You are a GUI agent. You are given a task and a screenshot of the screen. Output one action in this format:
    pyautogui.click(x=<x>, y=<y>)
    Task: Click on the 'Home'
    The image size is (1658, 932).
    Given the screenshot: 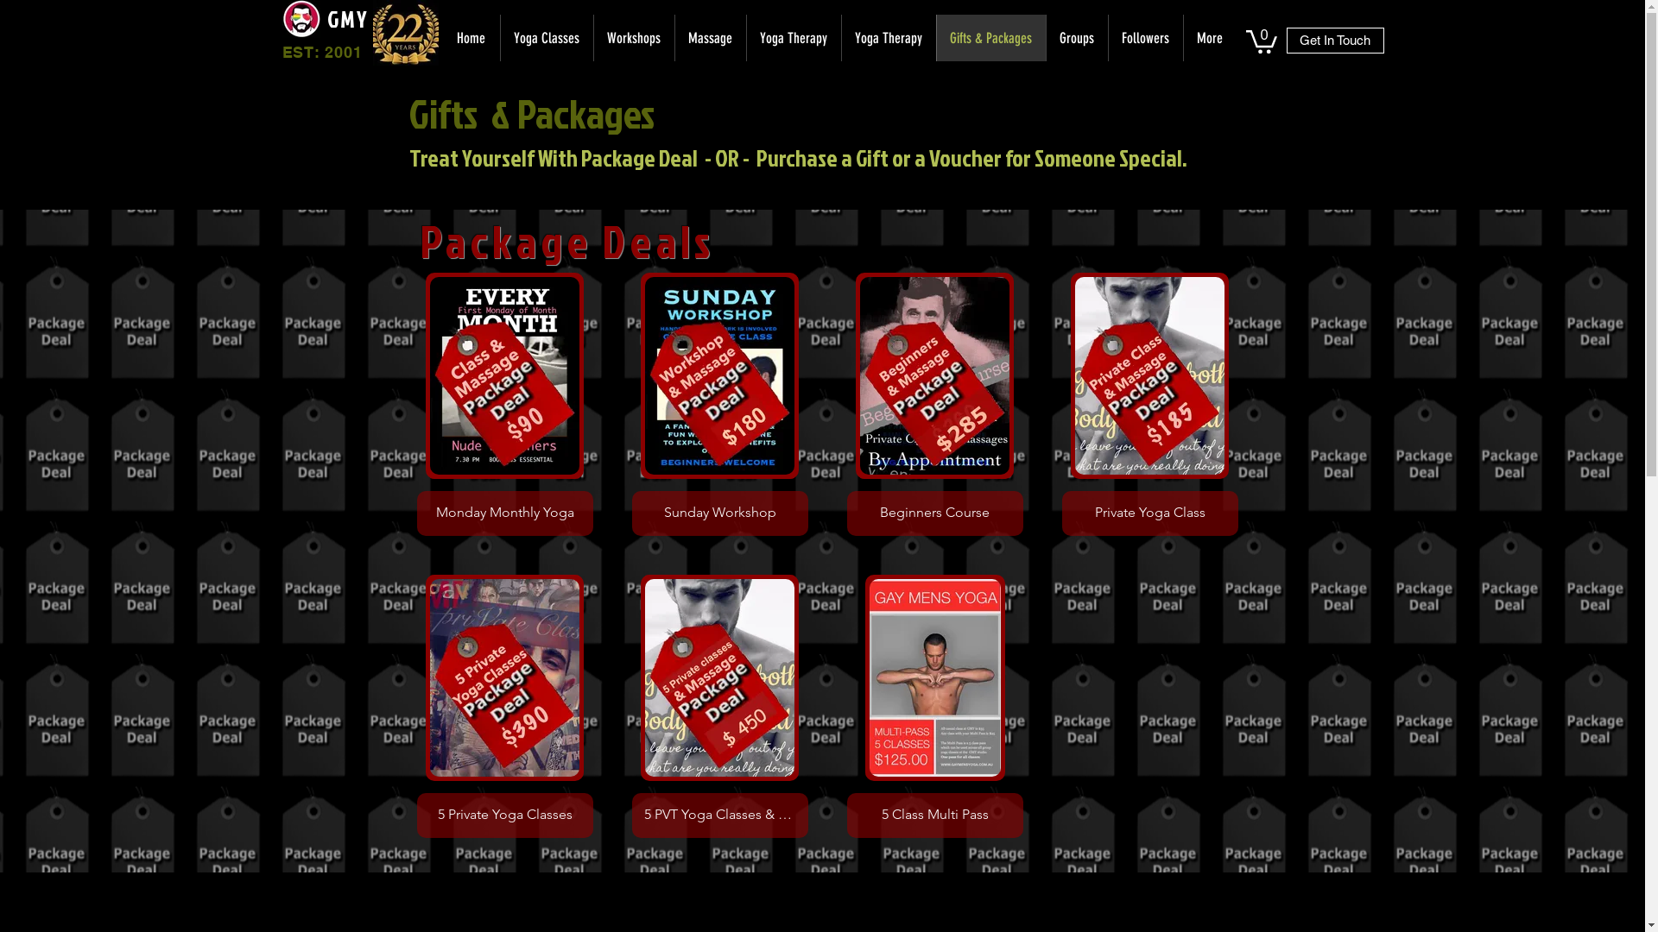 What is the action you would take?
    pyautogui.click(x=471, y=37)
    